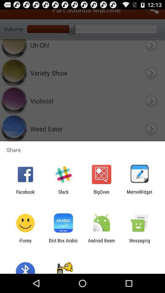  Describe the element at coordinates (101, 194) in the screenshot. I see `the icon to the right of the slack icon` at that location.